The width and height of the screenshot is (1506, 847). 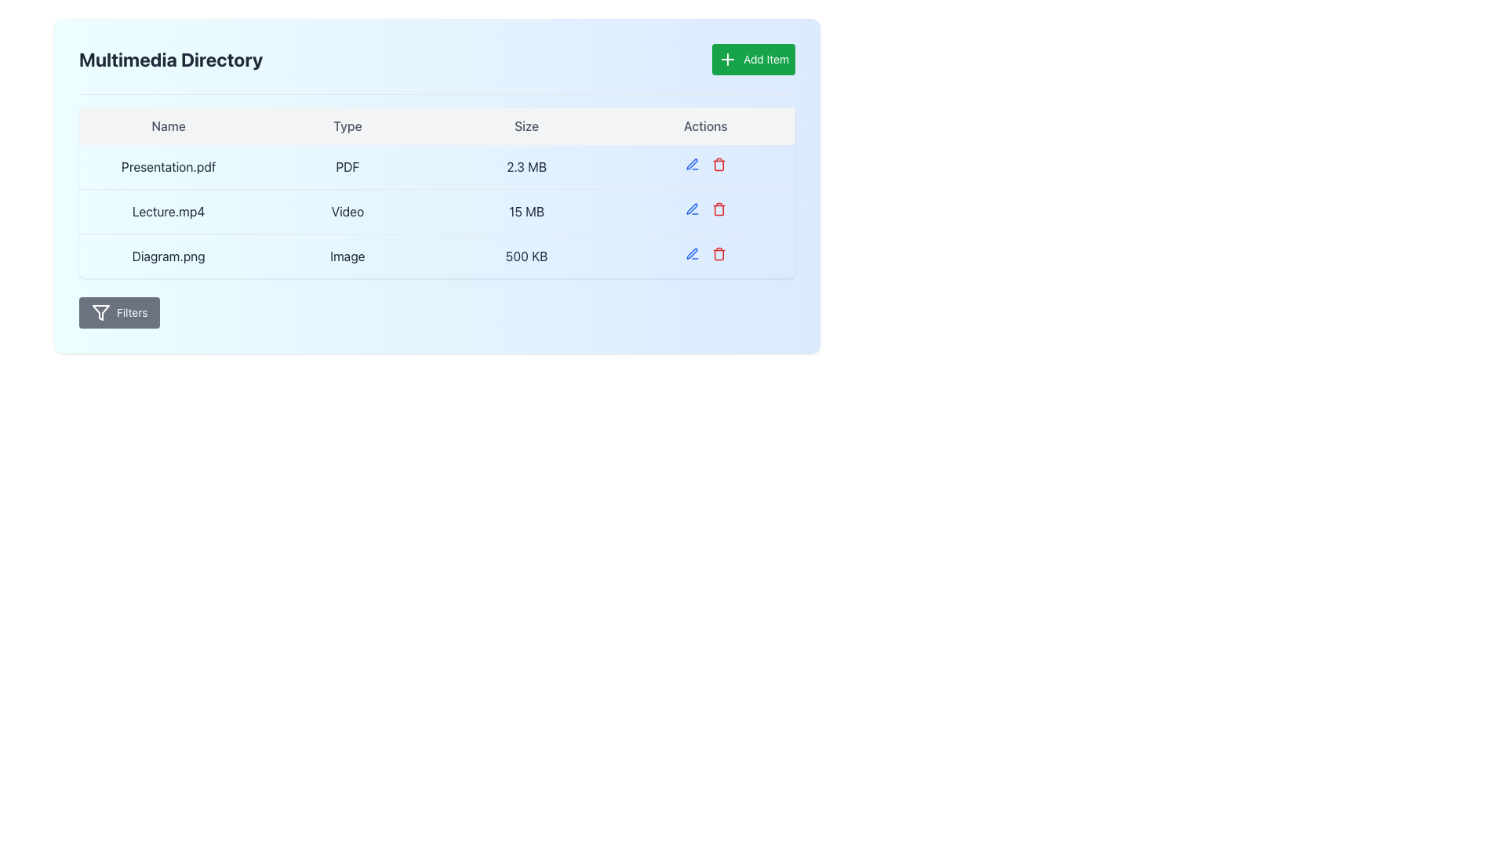 I want to click on the pen icon in the 'Actions' column of the multimedia directory table to initiate an edit action for the 'Diagram.png' row, so click(x=691, y=253).